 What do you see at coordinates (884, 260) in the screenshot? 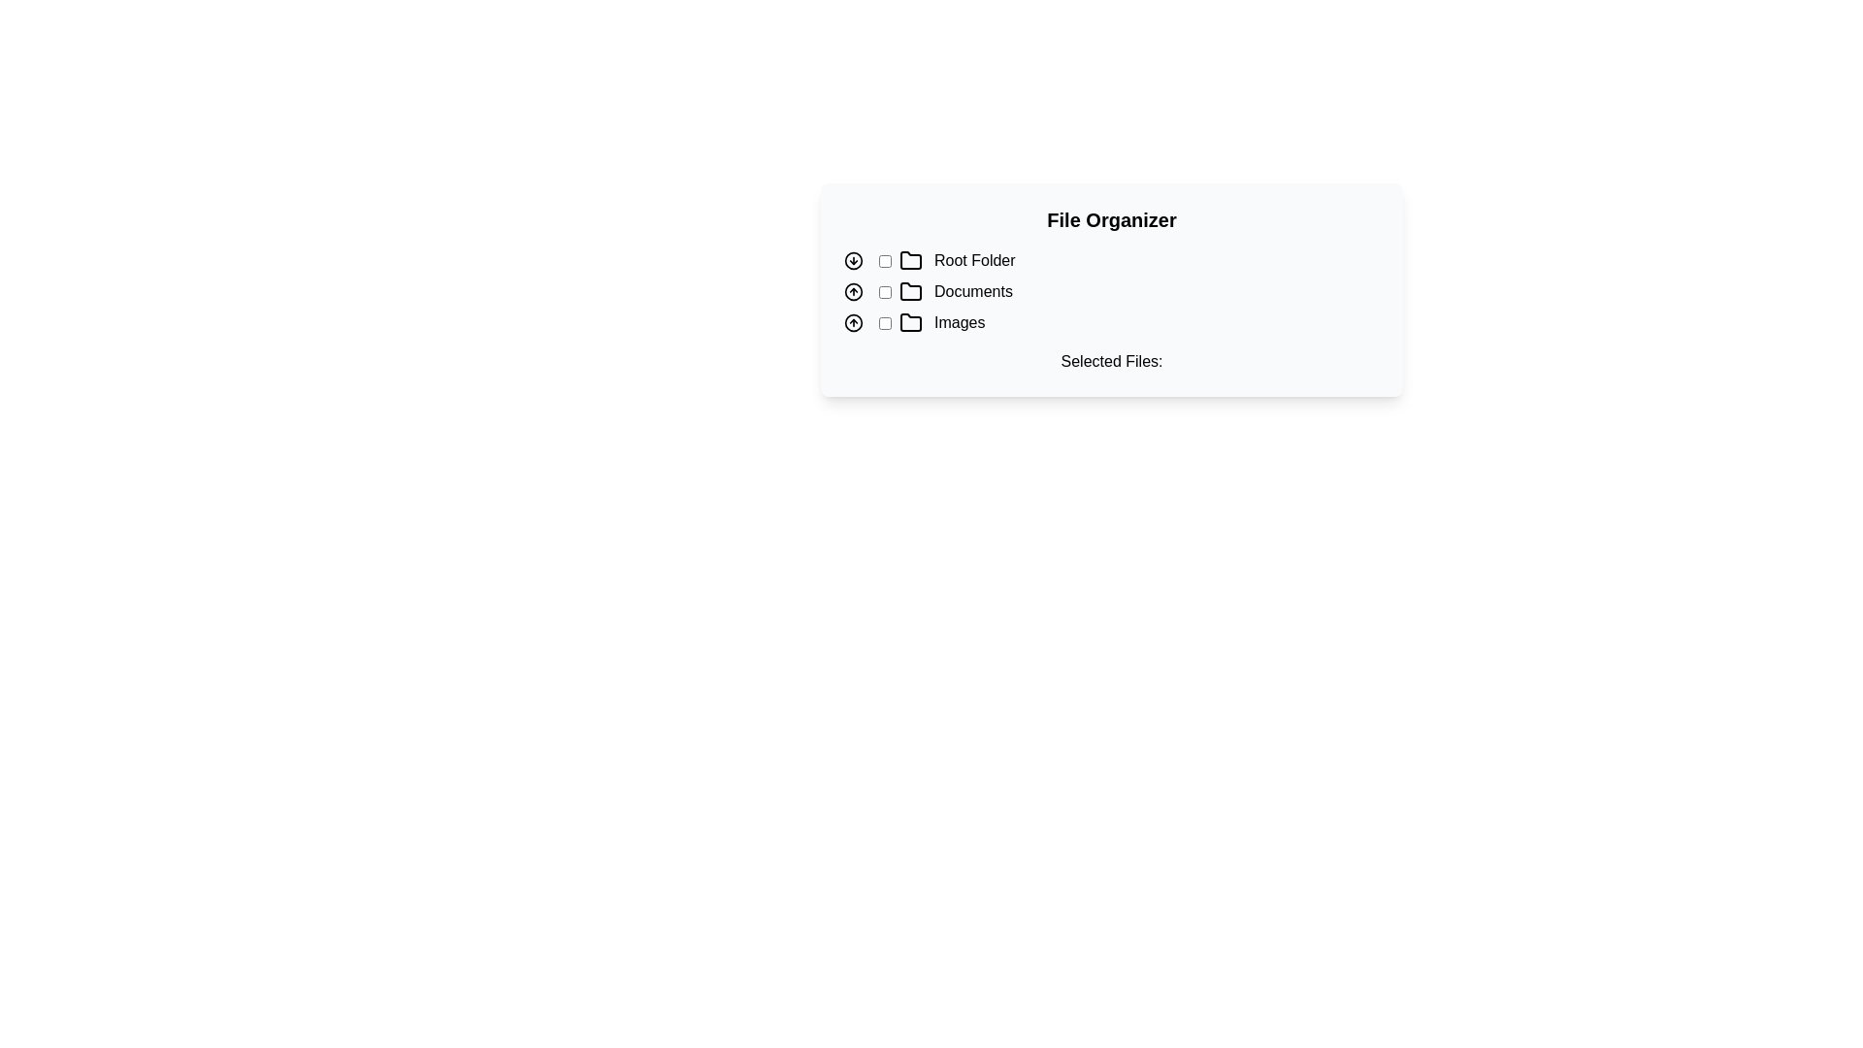
I see `the selection checkbox for 'Root Folder', which is located centrally within its row` at bounding box center [884, 260].